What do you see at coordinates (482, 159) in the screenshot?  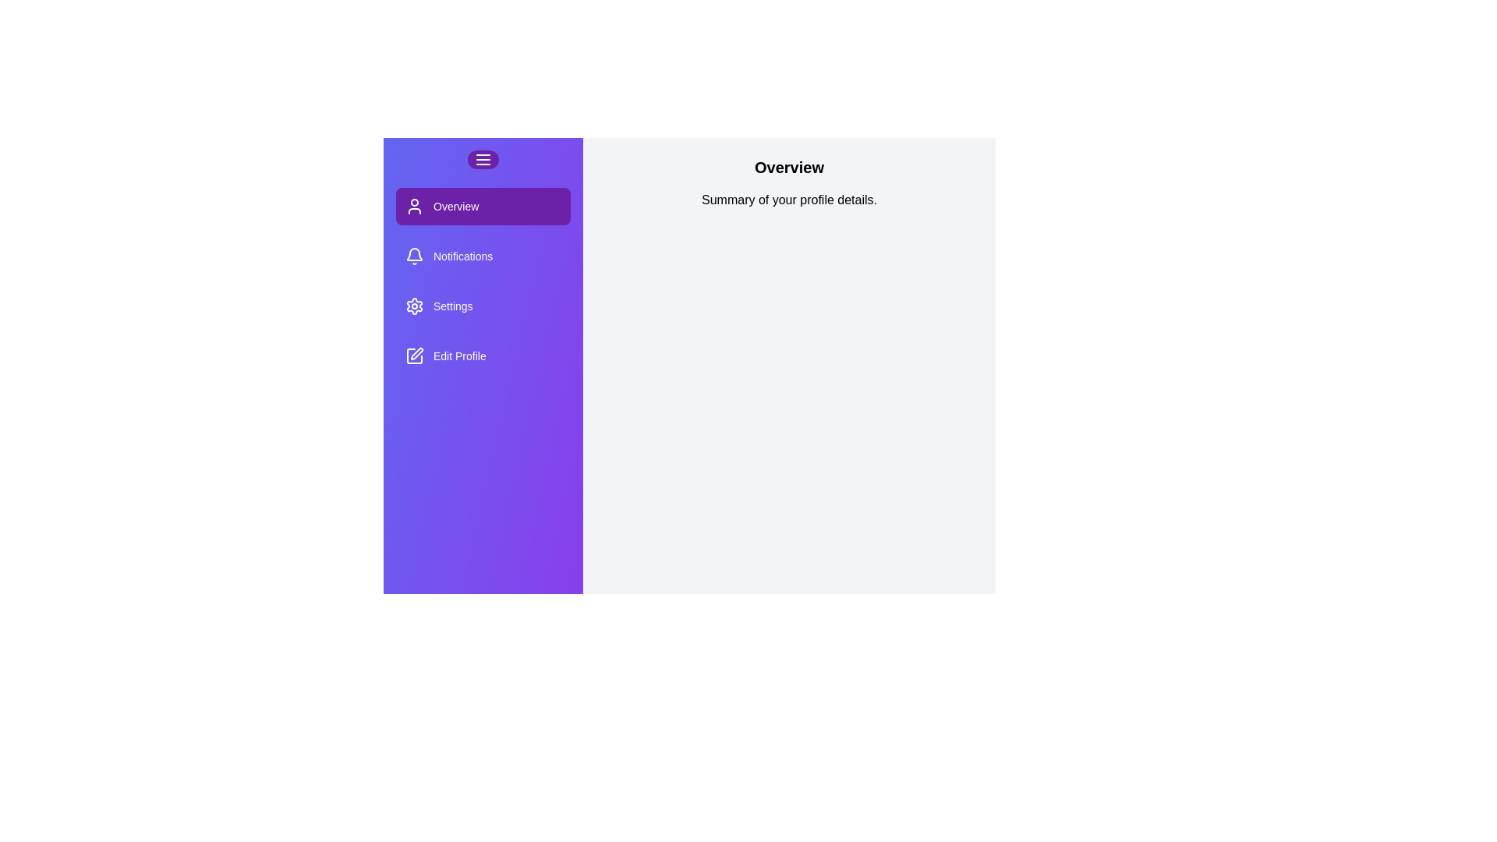 I see `the drawer toggle button to change the drawer's open state` at bounding box center [482, 159].